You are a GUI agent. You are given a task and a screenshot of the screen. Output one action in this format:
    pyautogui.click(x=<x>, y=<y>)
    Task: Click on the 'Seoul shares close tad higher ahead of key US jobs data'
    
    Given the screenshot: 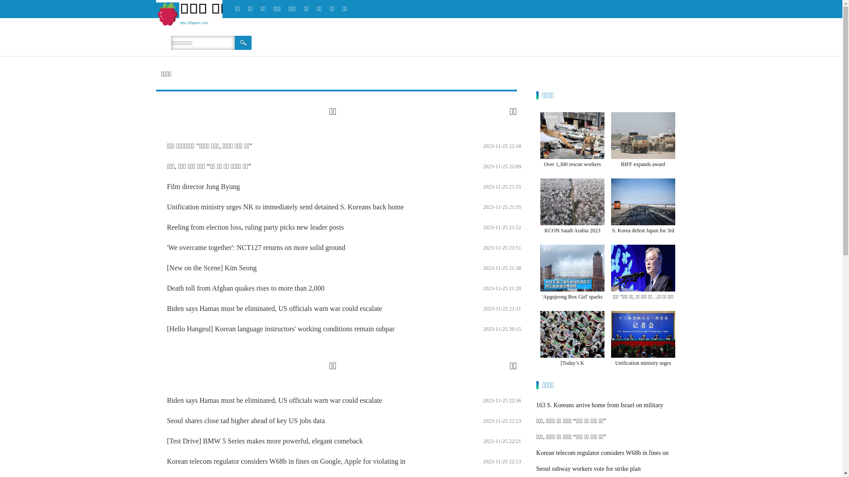 What is the action you would take?
    pyautogui.click(x=246, y=420)
    